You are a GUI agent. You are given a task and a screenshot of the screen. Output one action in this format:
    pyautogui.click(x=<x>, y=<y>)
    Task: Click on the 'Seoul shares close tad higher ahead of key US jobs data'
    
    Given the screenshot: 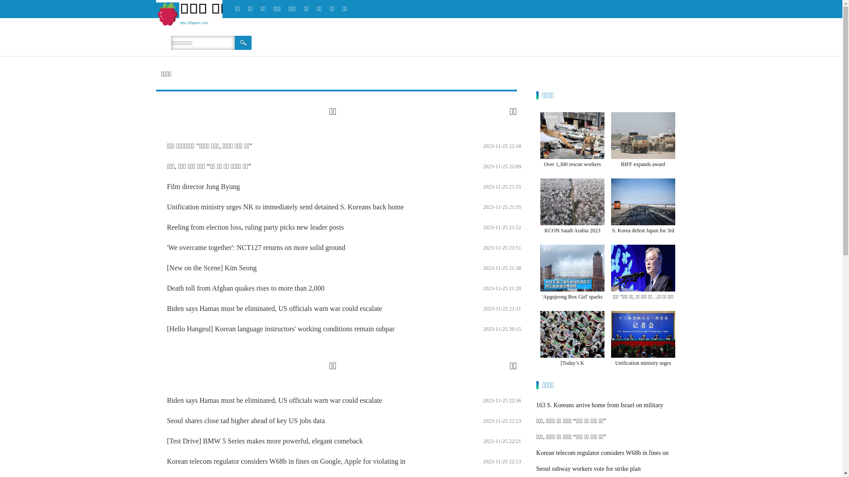 What is the action you would take?
    pyautogui.click(x=246, y=420)
    